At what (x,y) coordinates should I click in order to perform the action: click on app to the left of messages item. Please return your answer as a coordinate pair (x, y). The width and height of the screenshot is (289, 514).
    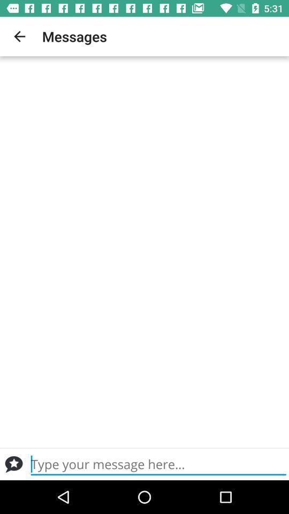
    Looking at the image, I should click on (19, 36).